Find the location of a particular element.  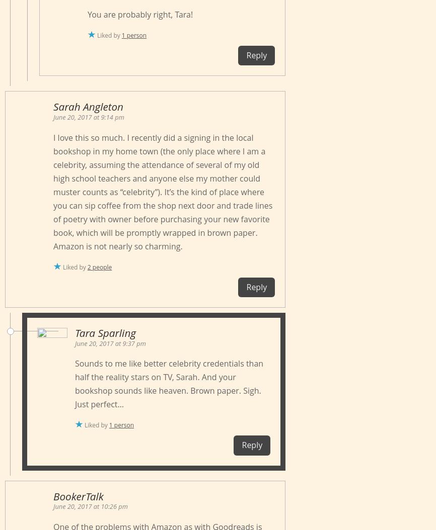

'You are probably right, Tara!' is located at coordinates (139, 14).